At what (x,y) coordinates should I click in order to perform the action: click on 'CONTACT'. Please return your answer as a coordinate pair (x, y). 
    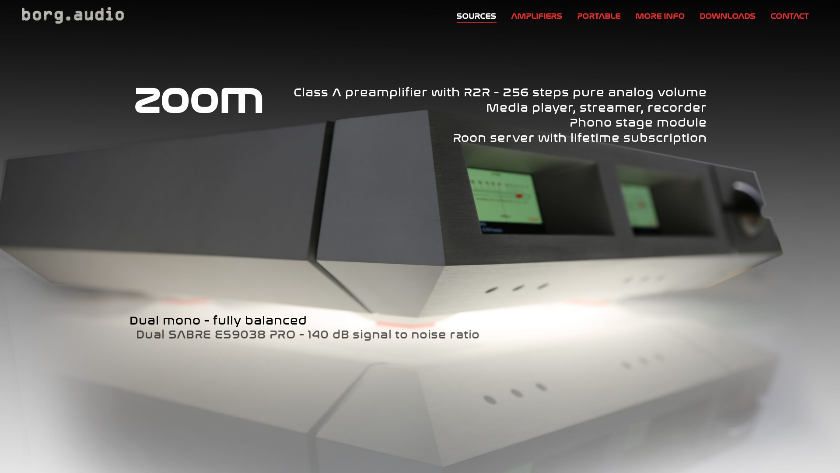
    Looking at the image, I should click on (789, 15).